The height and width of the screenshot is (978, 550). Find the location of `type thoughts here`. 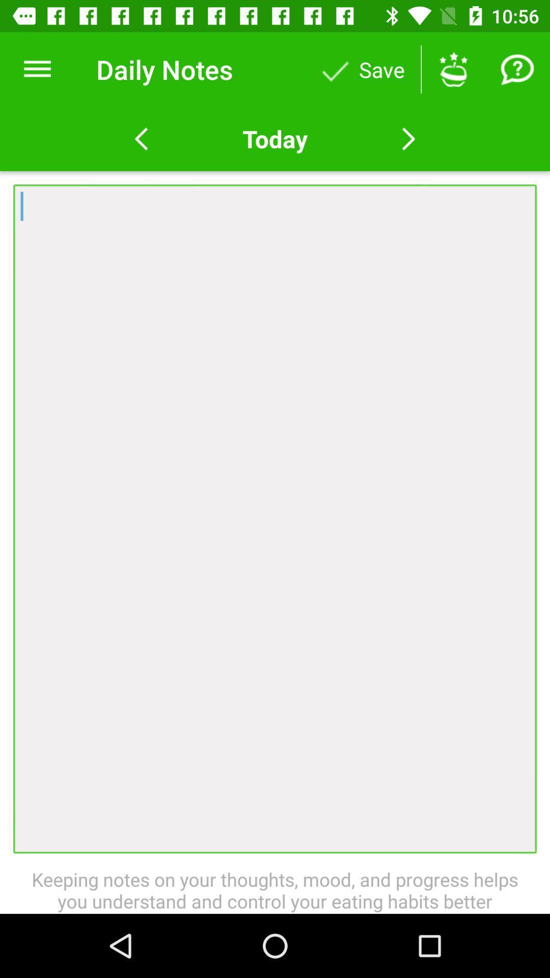

type thoughts here is located at coordinates (275, 519).